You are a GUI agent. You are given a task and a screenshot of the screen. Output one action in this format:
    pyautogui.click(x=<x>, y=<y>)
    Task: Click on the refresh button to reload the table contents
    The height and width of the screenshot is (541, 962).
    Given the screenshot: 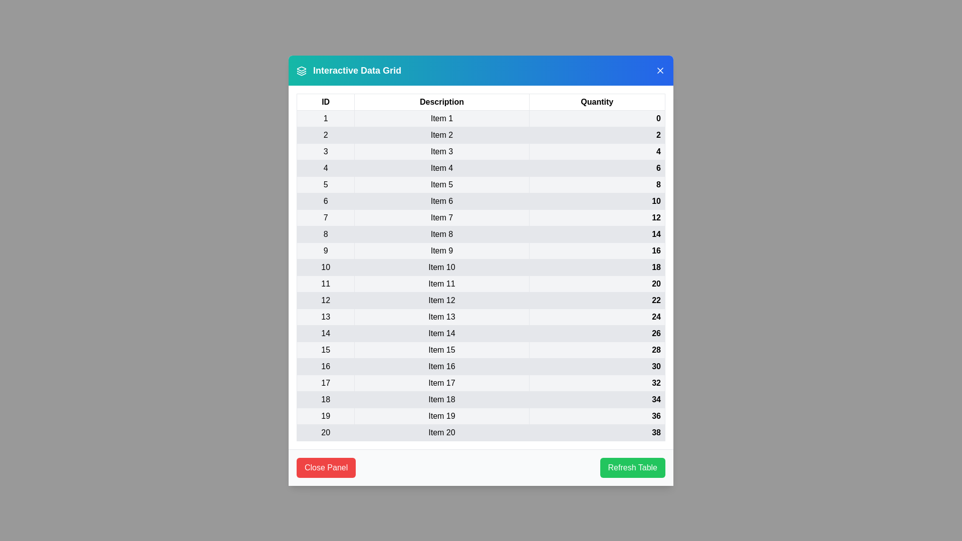 What is the action you would take?
    pyautogui.click(x=632, y=467)
    